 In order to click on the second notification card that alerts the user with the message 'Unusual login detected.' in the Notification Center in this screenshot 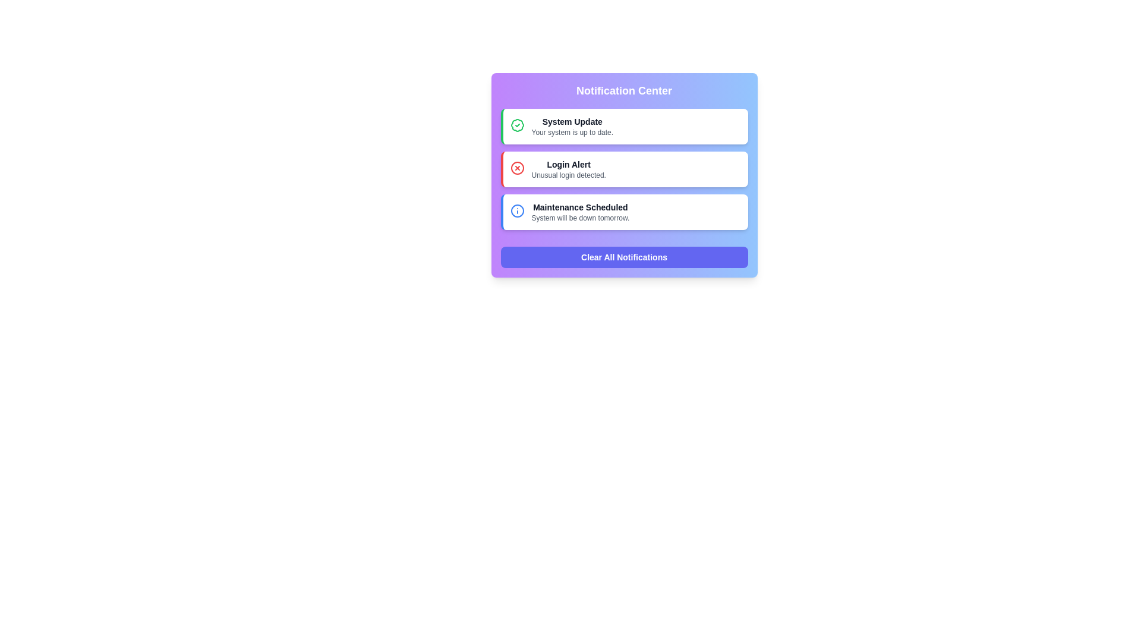, I will do `click(623, 169)`.